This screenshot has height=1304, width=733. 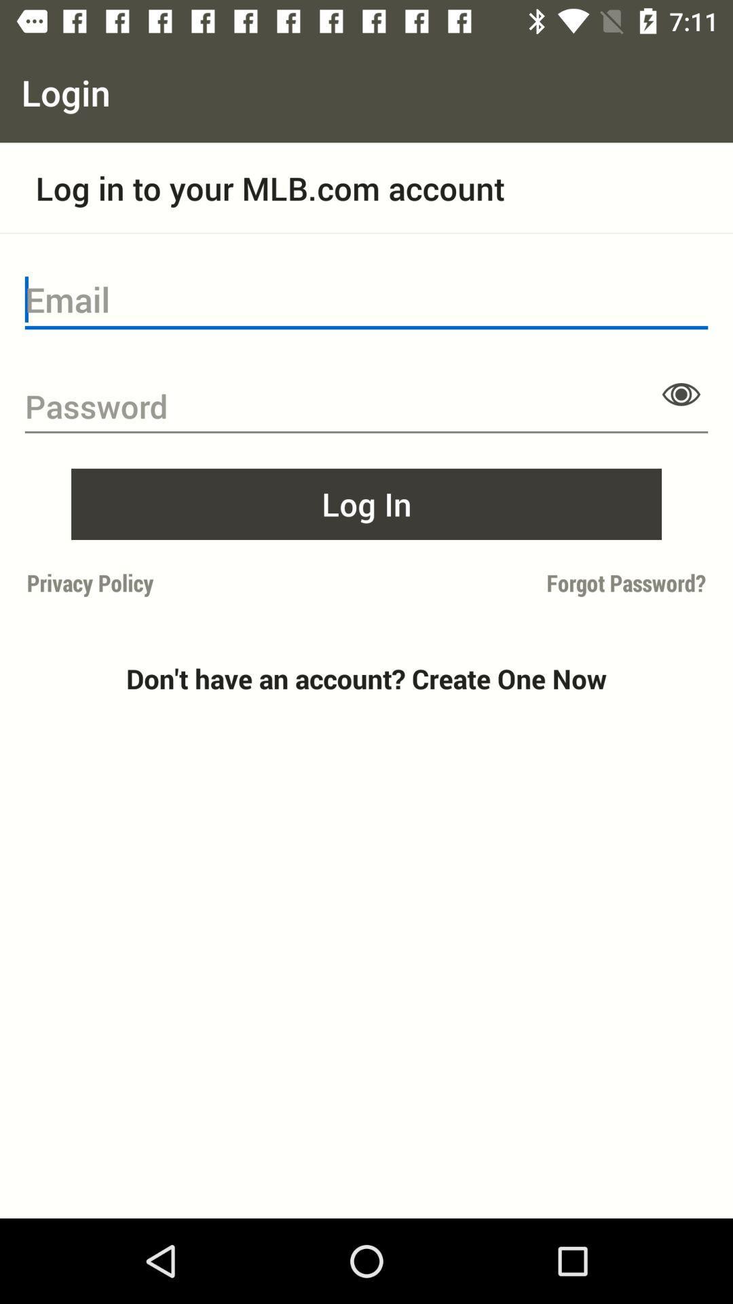 What do you see at coordinates (192, 583) in the screenshot?
I see `item to the left of forgot password?` at bounding box center [192, 583].